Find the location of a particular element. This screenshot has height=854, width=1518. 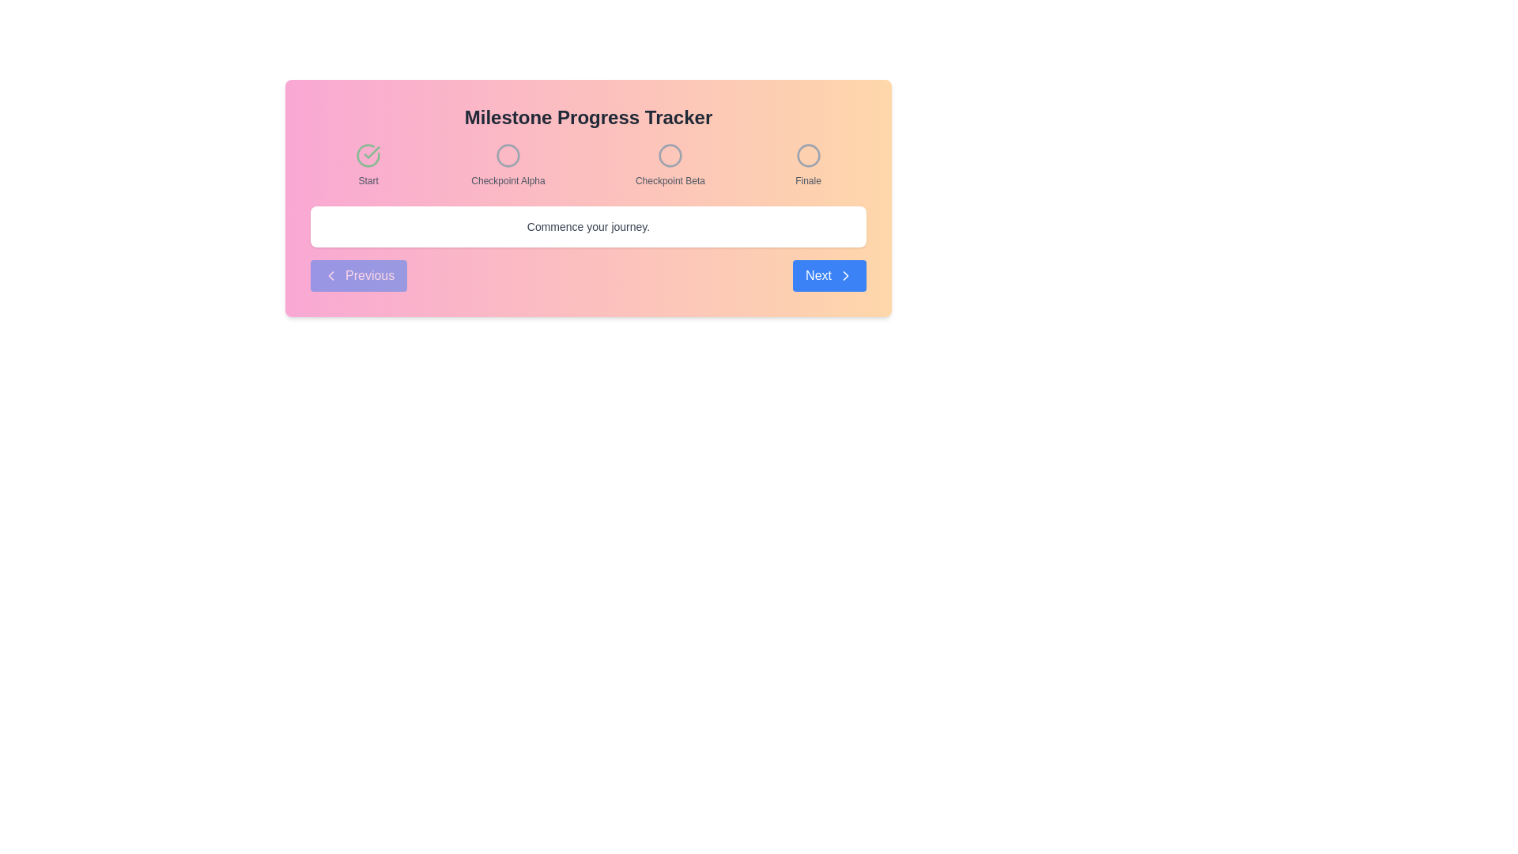

the 'Previous' button, which has a blue background and white text is located at coordinates (358, 274).